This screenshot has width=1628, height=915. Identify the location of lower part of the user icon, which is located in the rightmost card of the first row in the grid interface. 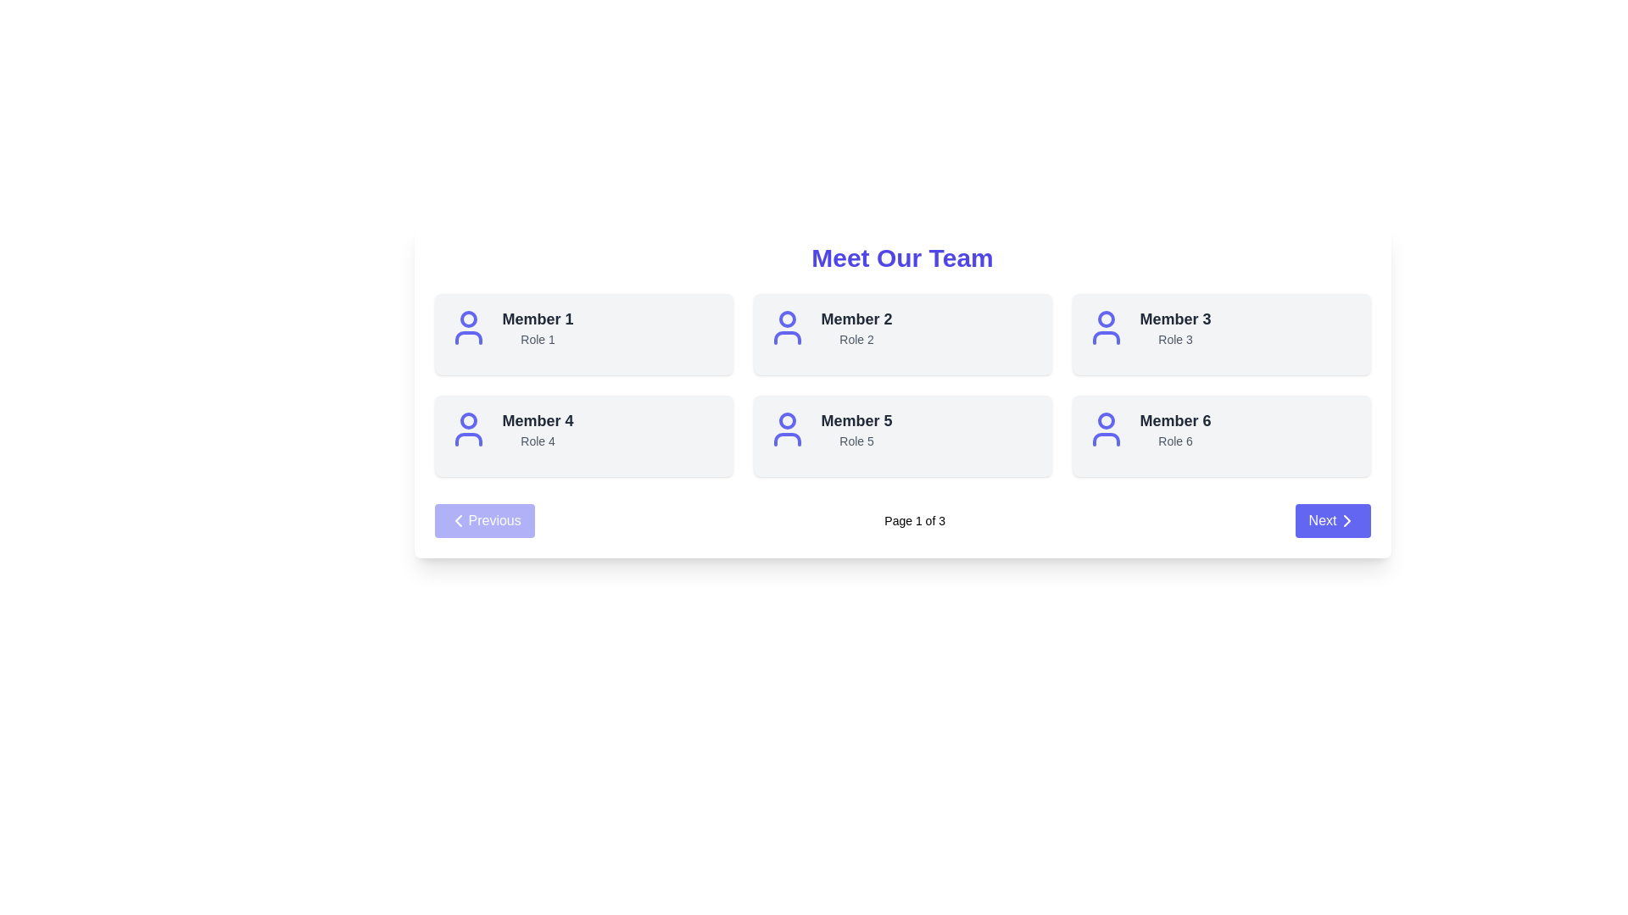
(1106, 337).